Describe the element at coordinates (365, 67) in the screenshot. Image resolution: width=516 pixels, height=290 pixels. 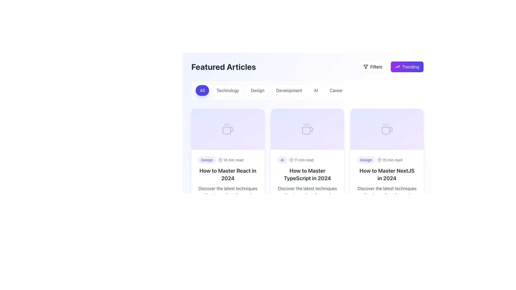
I see `the Filter Icon located at the top-right corner of the page, next to the Trending button` at that location.